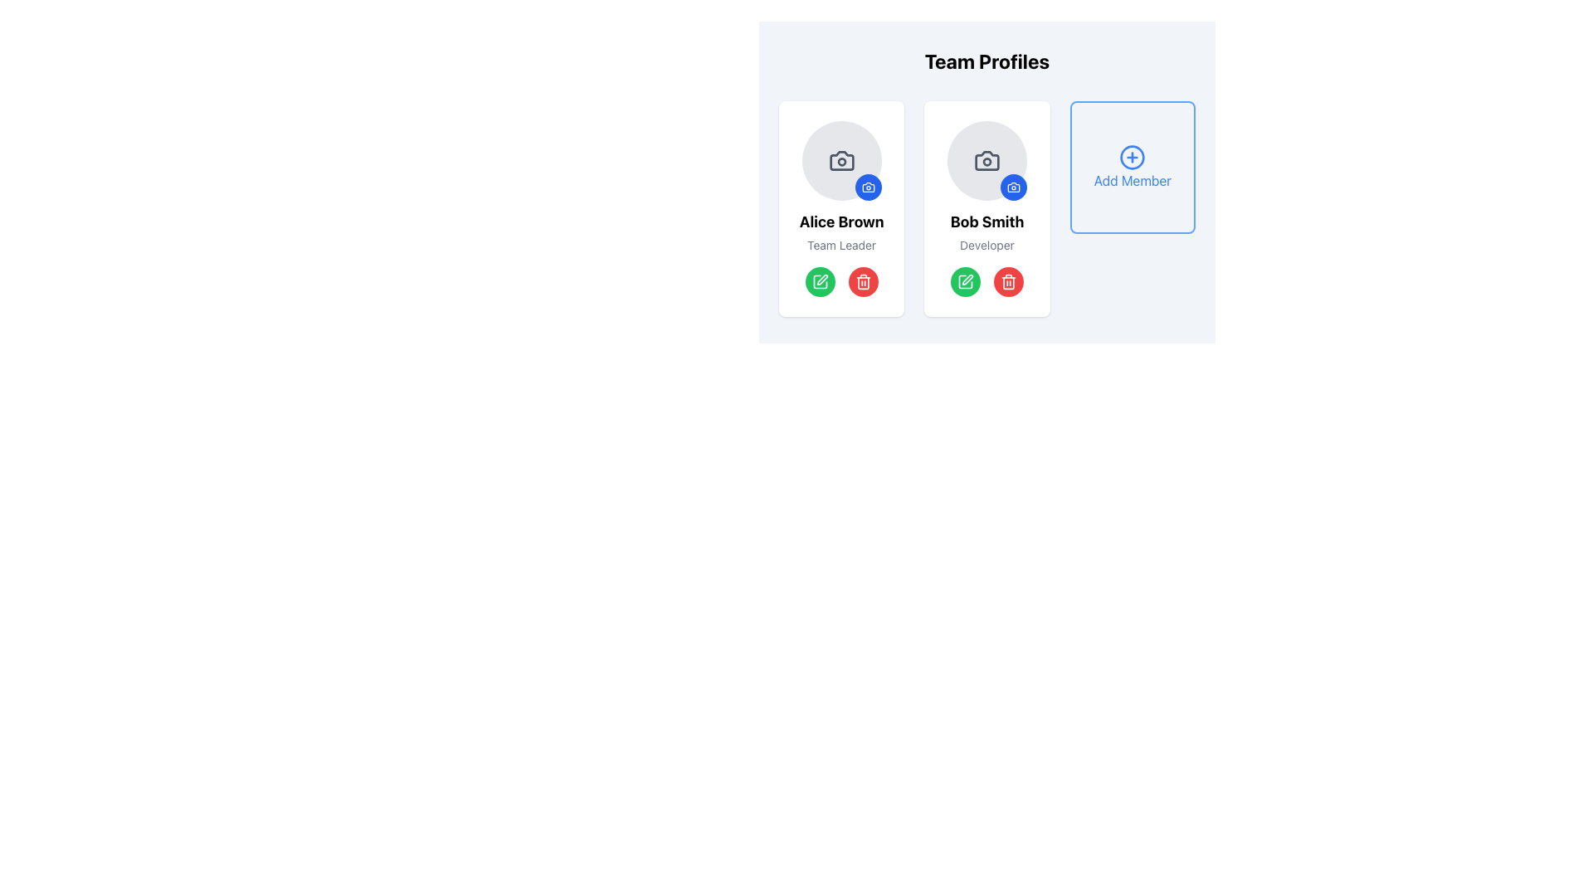  Describe the element at coordinates (841, 280) in the screenshot. I see `the green button in the control group for managing the user profile of 'Alice Brown, Team Leader'` at that location.